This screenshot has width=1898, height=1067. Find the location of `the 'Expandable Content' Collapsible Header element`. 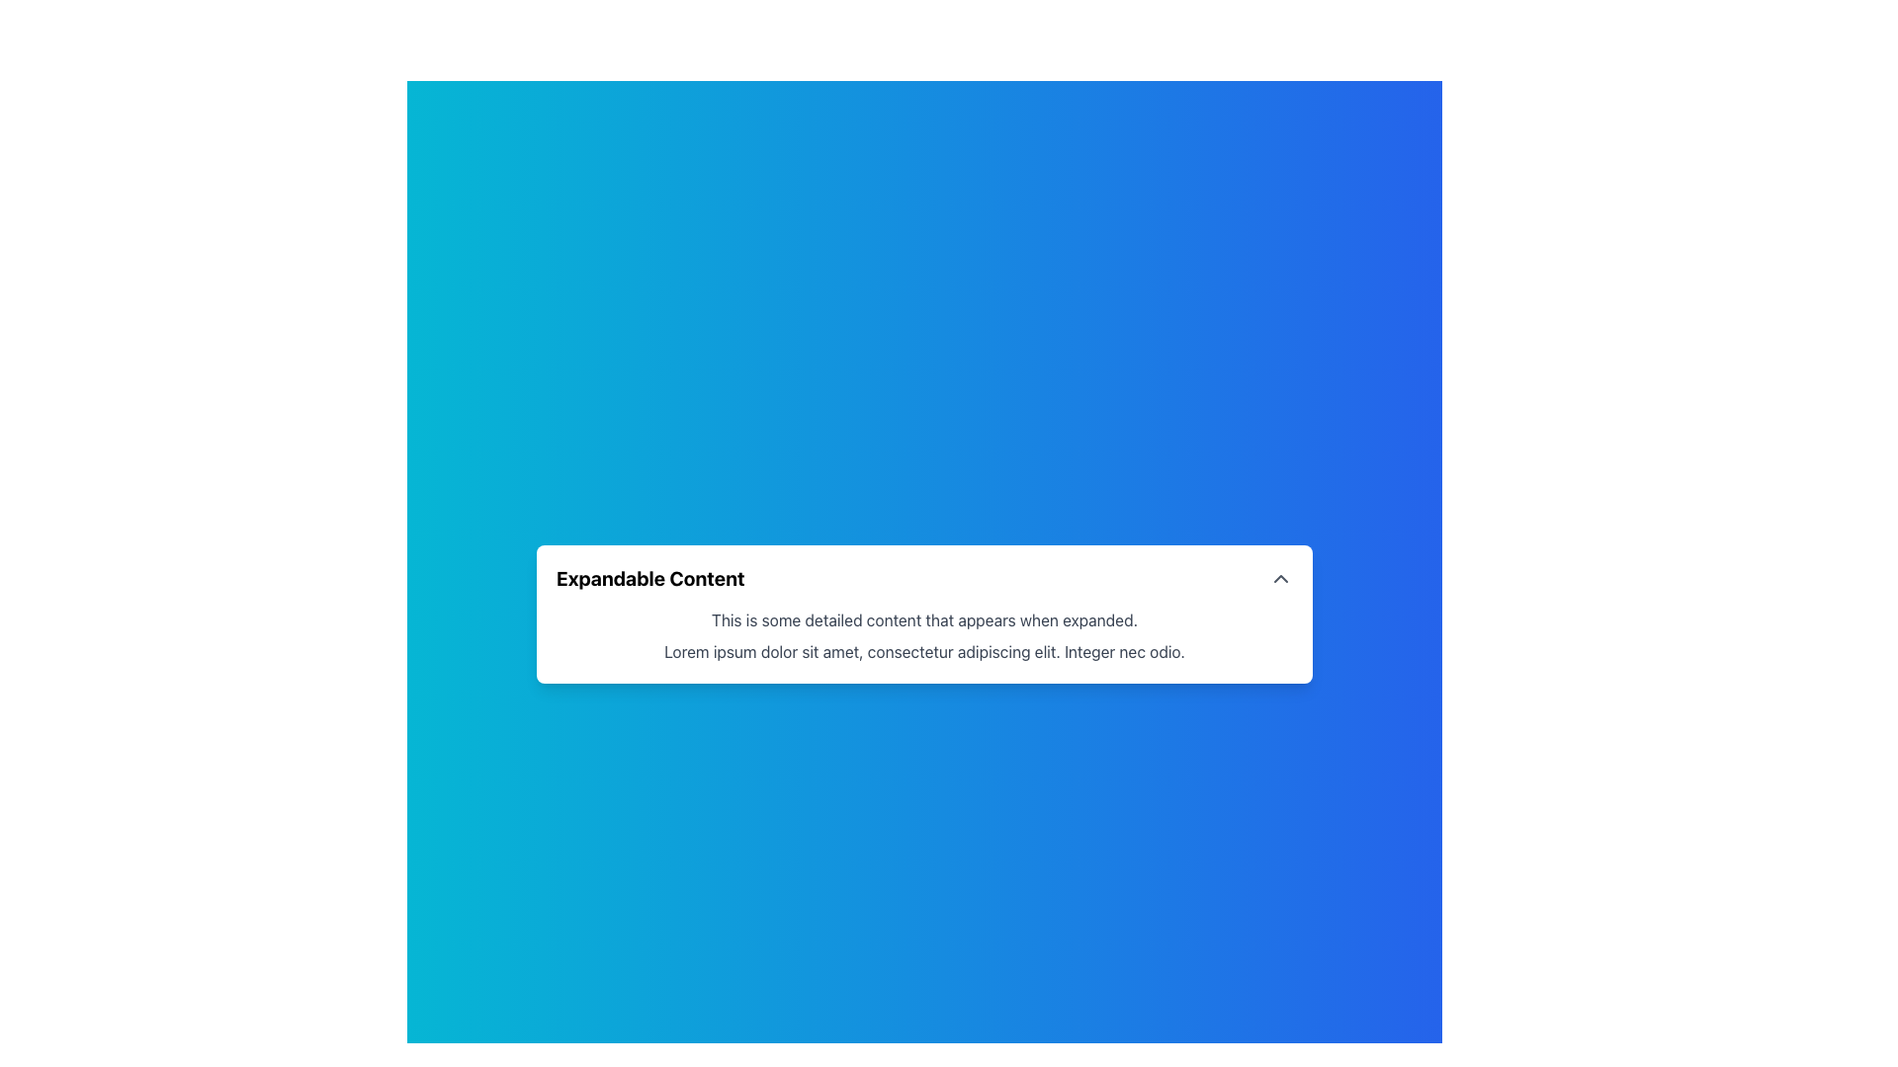

the 'Expandable Content' Collapsible Header element is located at coordinates (923, 578).